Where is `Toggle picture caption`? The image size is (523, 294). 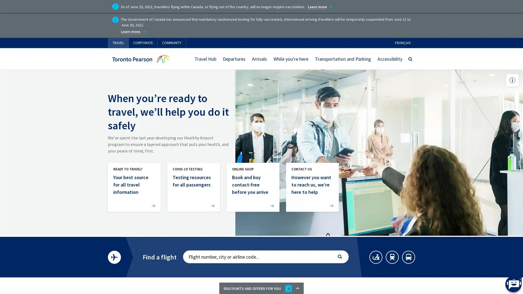 Toggle picture caption is located at coordinates (512, 80).